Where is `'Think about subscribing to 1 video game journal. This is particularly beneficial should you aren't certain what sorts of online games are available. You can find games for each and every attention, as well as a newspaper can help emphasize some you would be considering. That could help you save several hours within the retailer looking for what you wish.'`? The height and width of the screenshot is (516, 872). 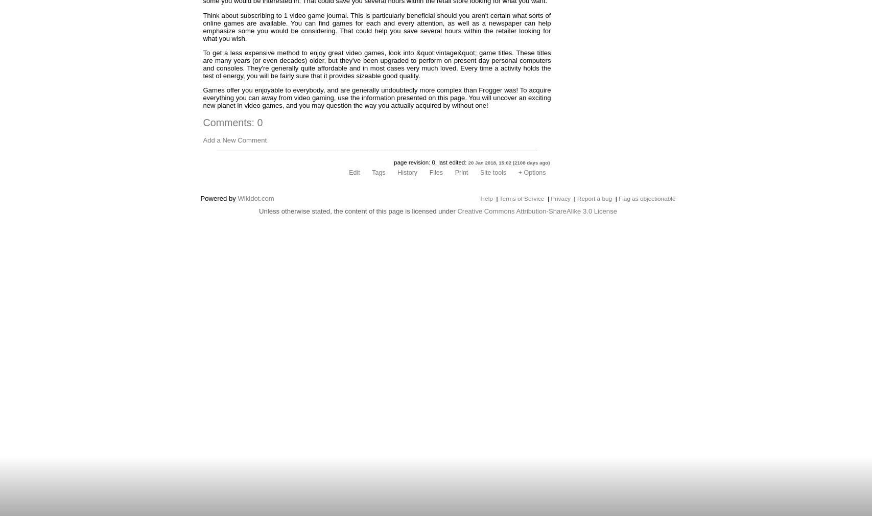 'Think about subscribing to 1 video game journal. This is particularly beneficial should you aren't certain what sorts of online games are available. You can find games for each and every attention, as well as a newspaper can help emphasize some you would be considering. That could help you save several hours within the retailer looking for what you wish.' is located at coordinates (203, 26).